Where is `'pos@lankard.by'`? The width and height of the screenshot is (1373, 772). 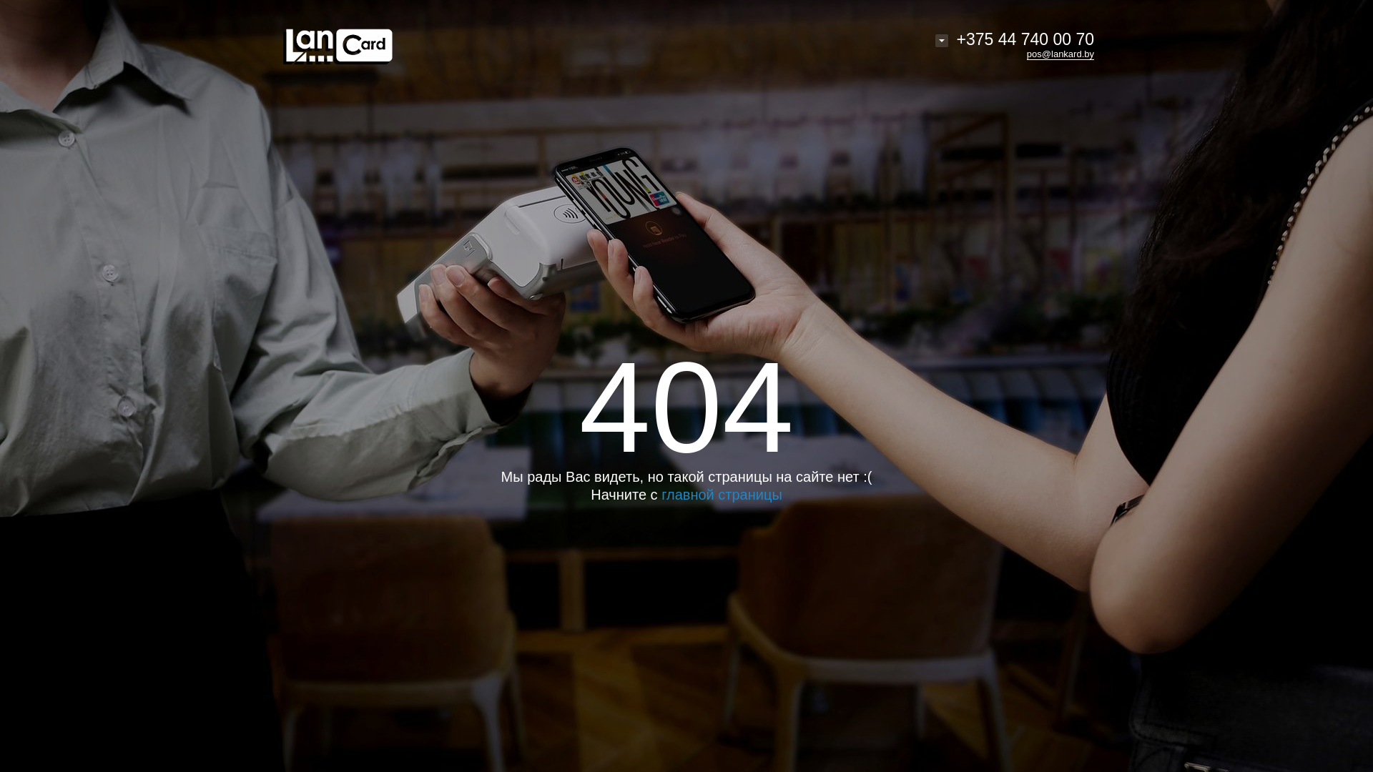 'pos@lankard.by' is located at coordinates (1060, 54).